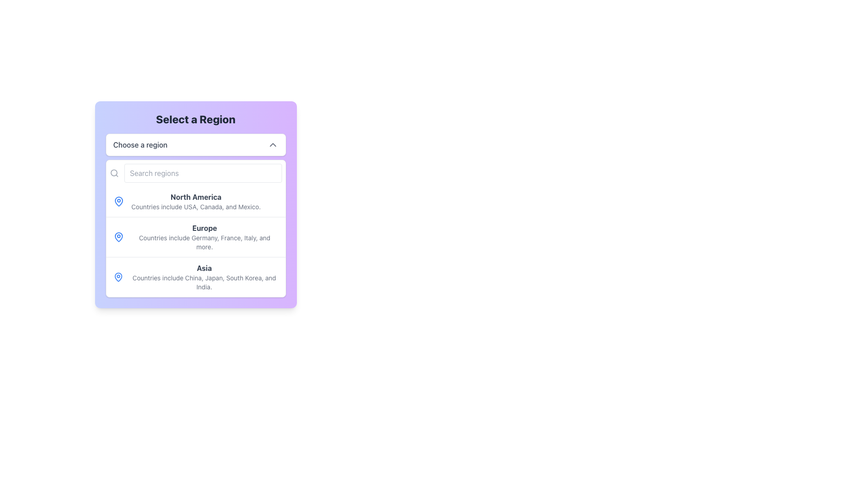 This screenshot has height=486, width=865. What do you see at coordinates (204, 268) in the screenshot?
I see `the Text Label that identifies the 'Asia' region in the list of selectable regions` at bounding box center [204, 268].